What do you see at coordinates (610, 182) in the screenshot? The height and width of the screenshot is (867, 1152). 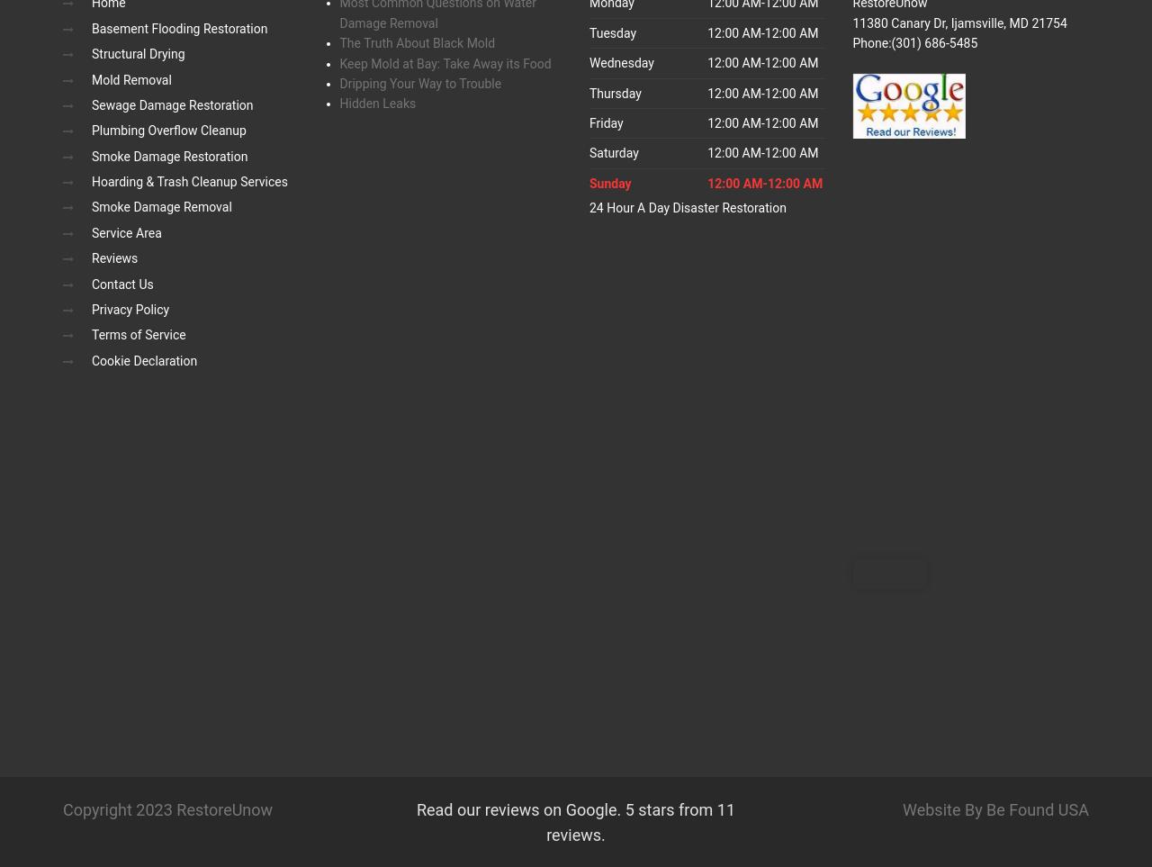 I see `'Sunday'` at bounding box center [610, 182].